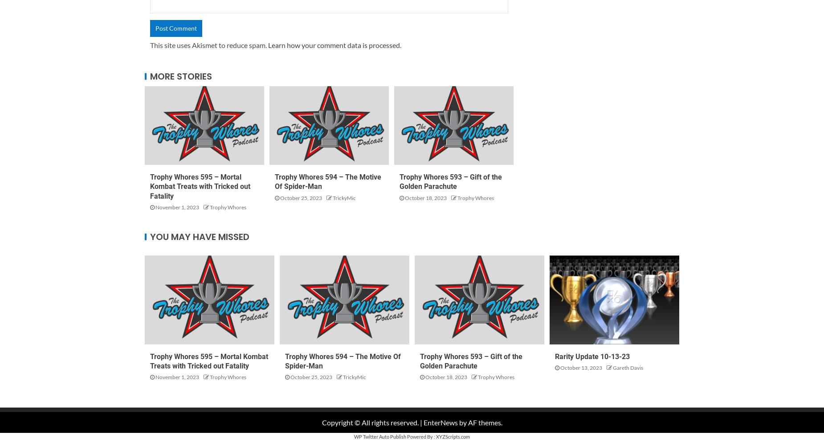 This screenshot has width=824, height=440. Describe the element at coordinates (580, 367) in the screenshot. I see `'October 13, 2023'` at that location.